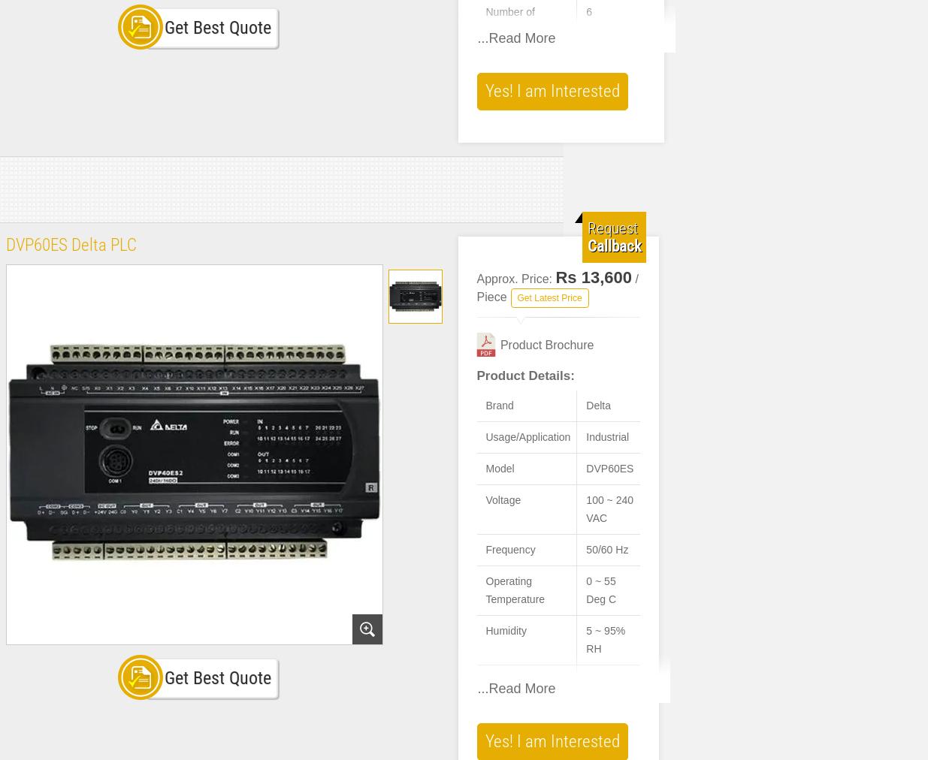 Image resolution: width=928 pixels, height=760 pixels. What do you see at coordinates (505, 629) in the screenshot?
I see `'Humidity'` at bounding box center [505, 629].